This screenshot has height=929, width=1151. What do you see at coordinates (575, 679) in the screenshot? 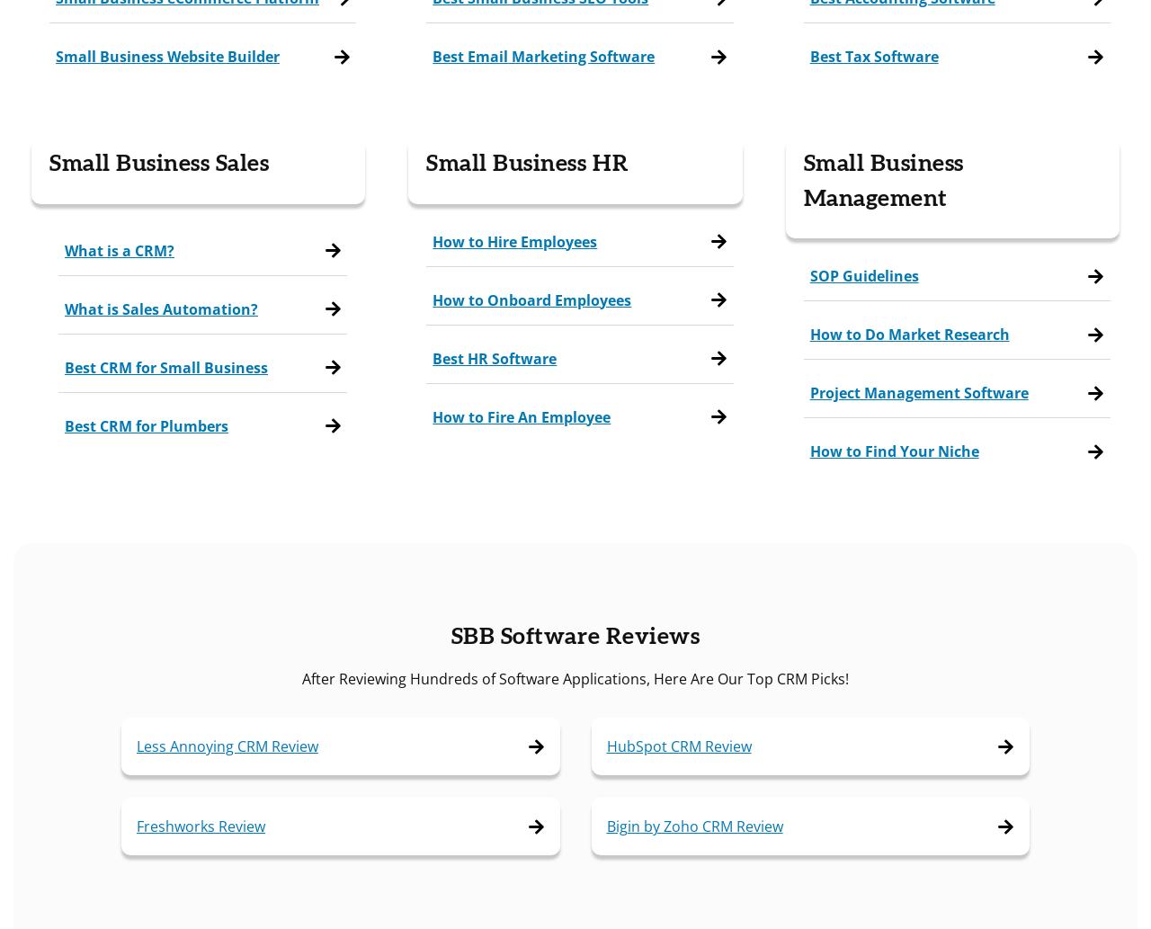
I see `'After Reviewing Hundreds of Software Applications, Here Are Our Top CRM Picks!'` at bounding box center [575, 679].